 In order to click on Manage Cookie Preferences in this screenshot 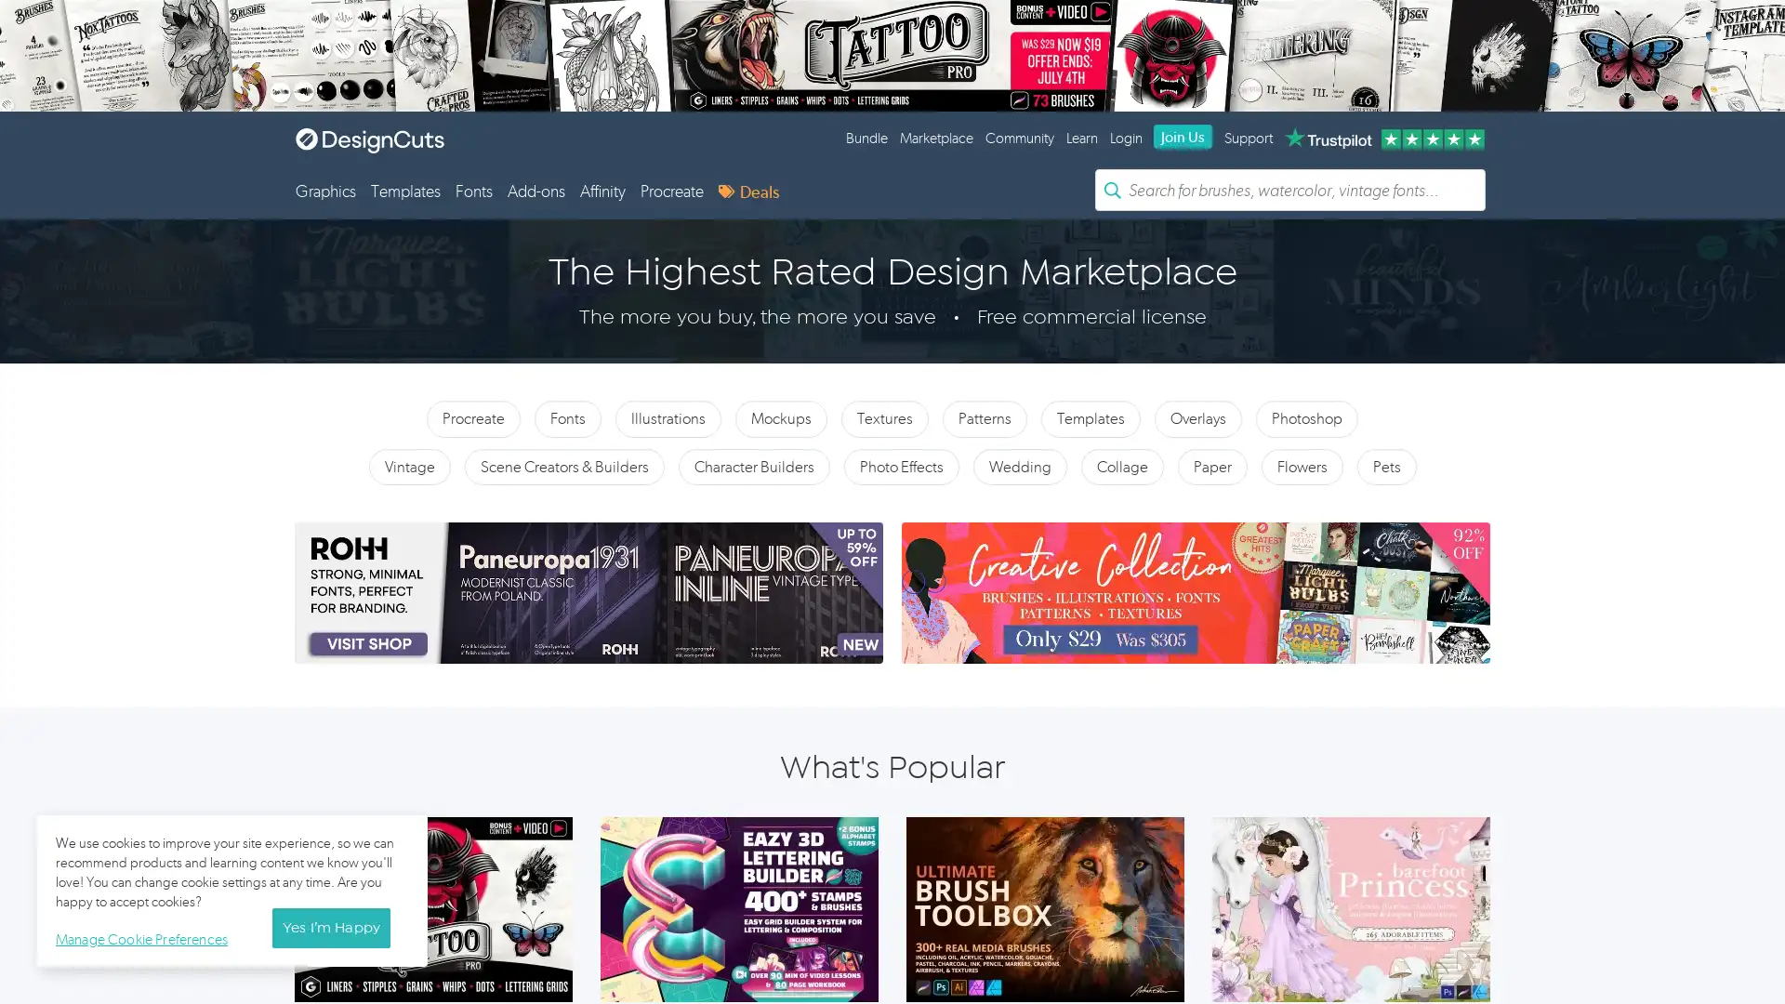, I will do `click(145, 936)`.